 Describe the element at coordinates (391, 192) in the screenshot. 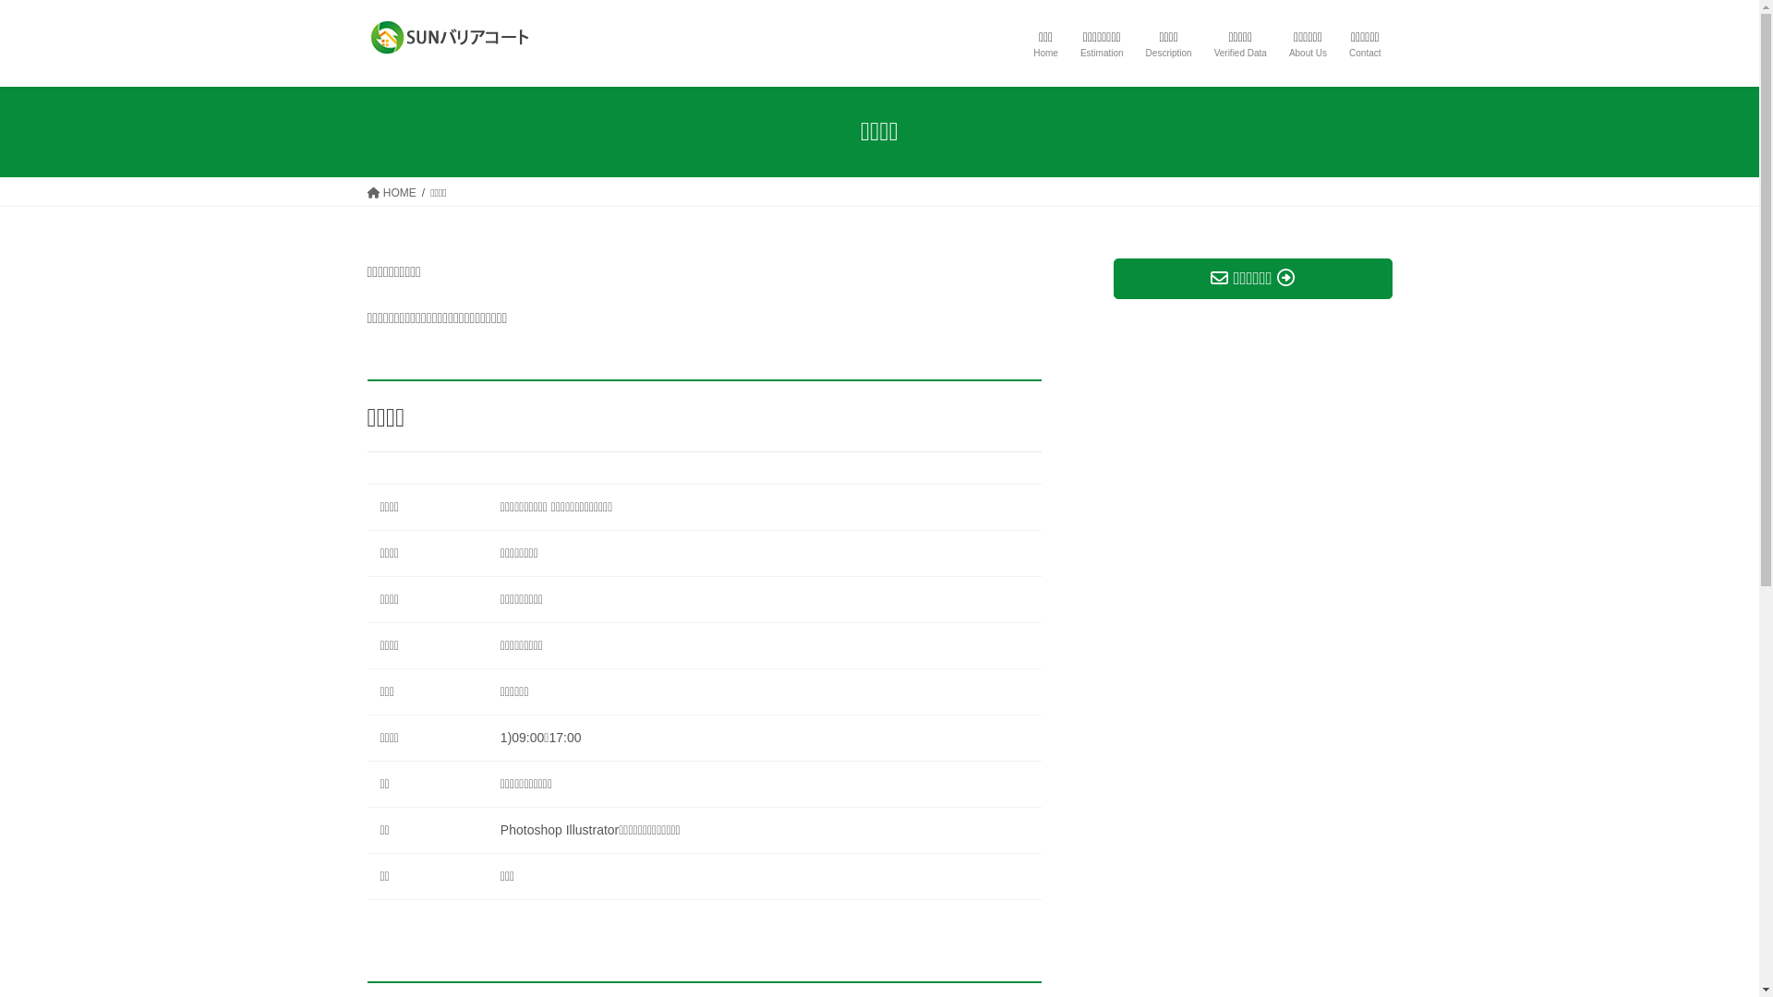

I see `'HOME'` at that location.